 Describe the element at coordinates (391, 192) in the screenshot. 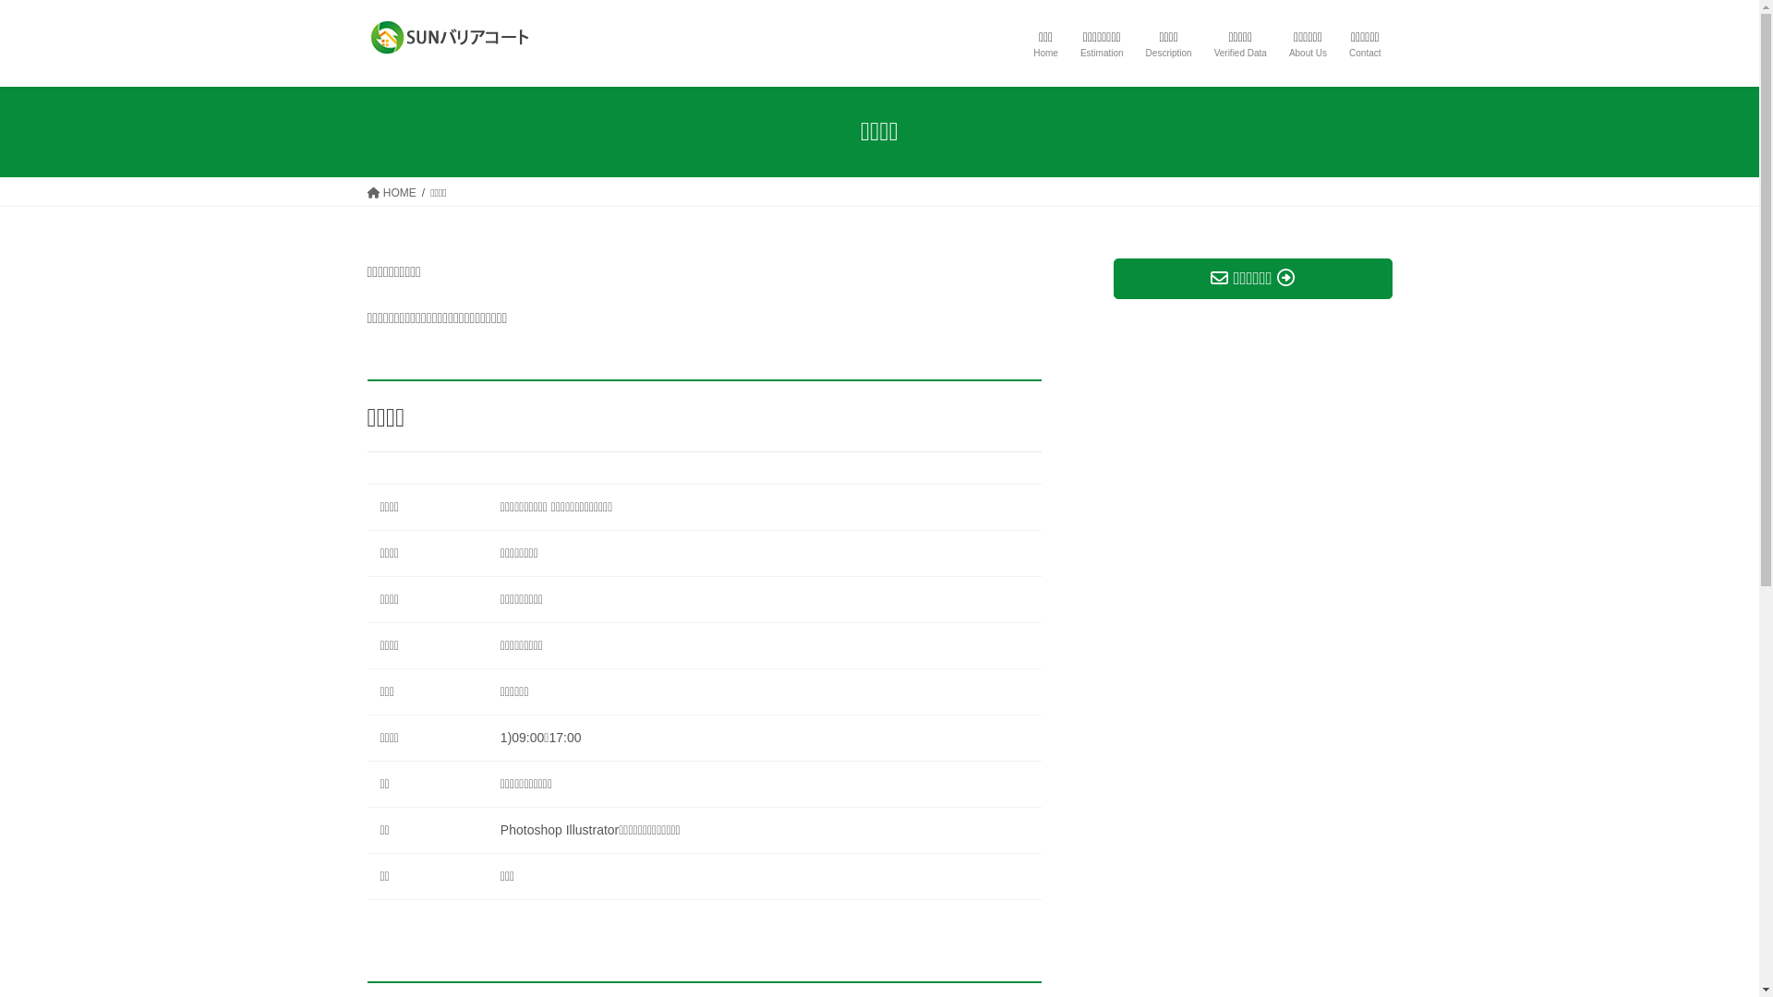

I see `'HOME'` at that location.